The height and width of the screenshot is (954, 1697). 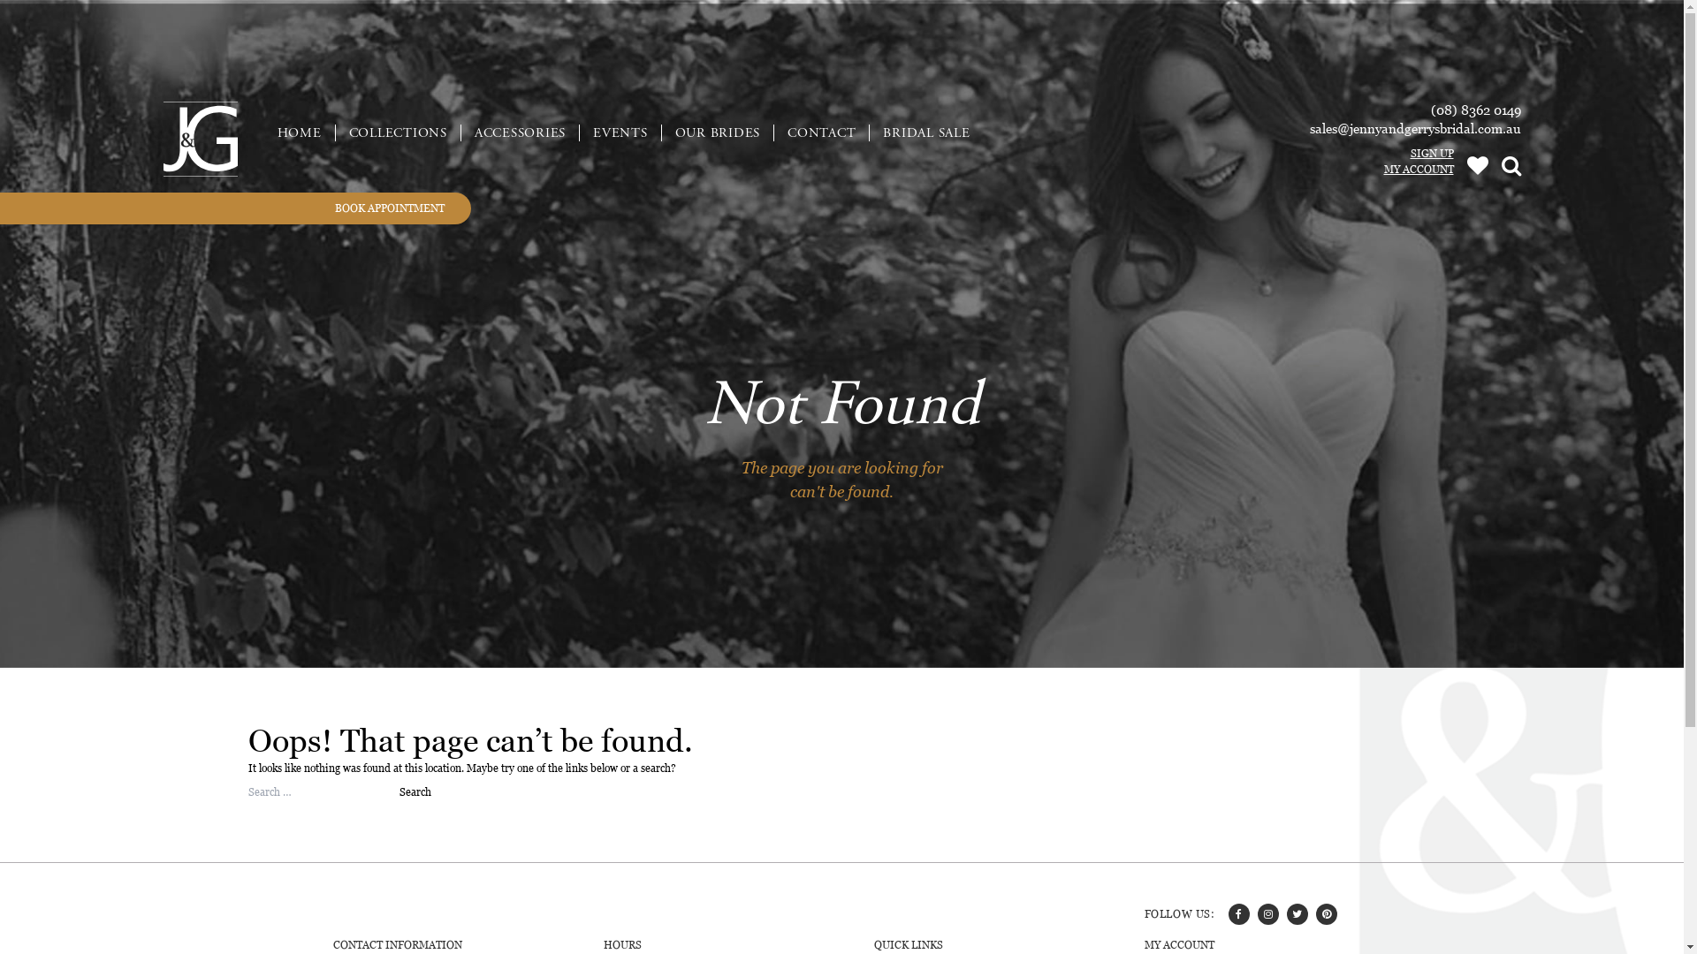 What do you see at coordinates (925, 131) in the screenshot?
I see `'BRIDAL SALE'` at bounding box center [925, 131].